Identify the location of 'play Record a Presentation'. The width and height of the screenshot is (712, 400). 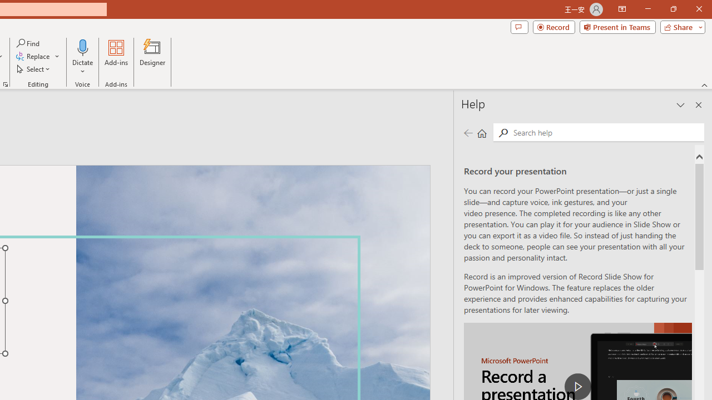
(577, 386).